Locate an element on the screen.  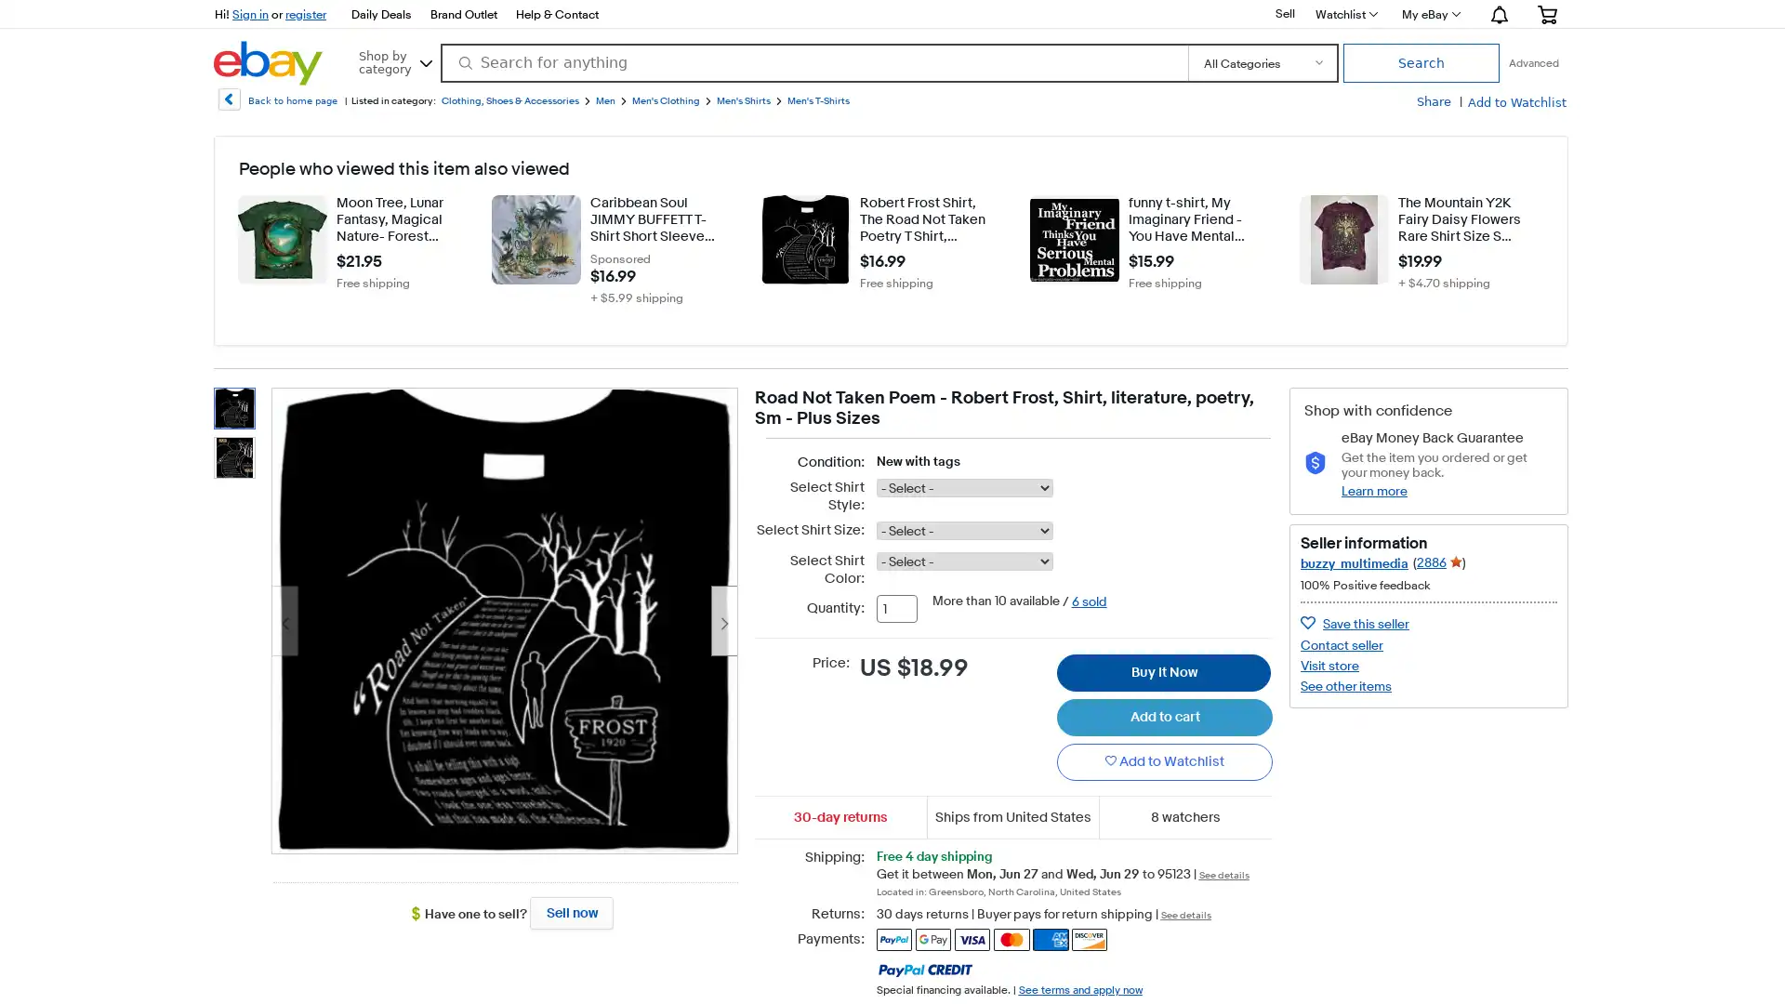
Shop by category is located at coordinates (390, 59).